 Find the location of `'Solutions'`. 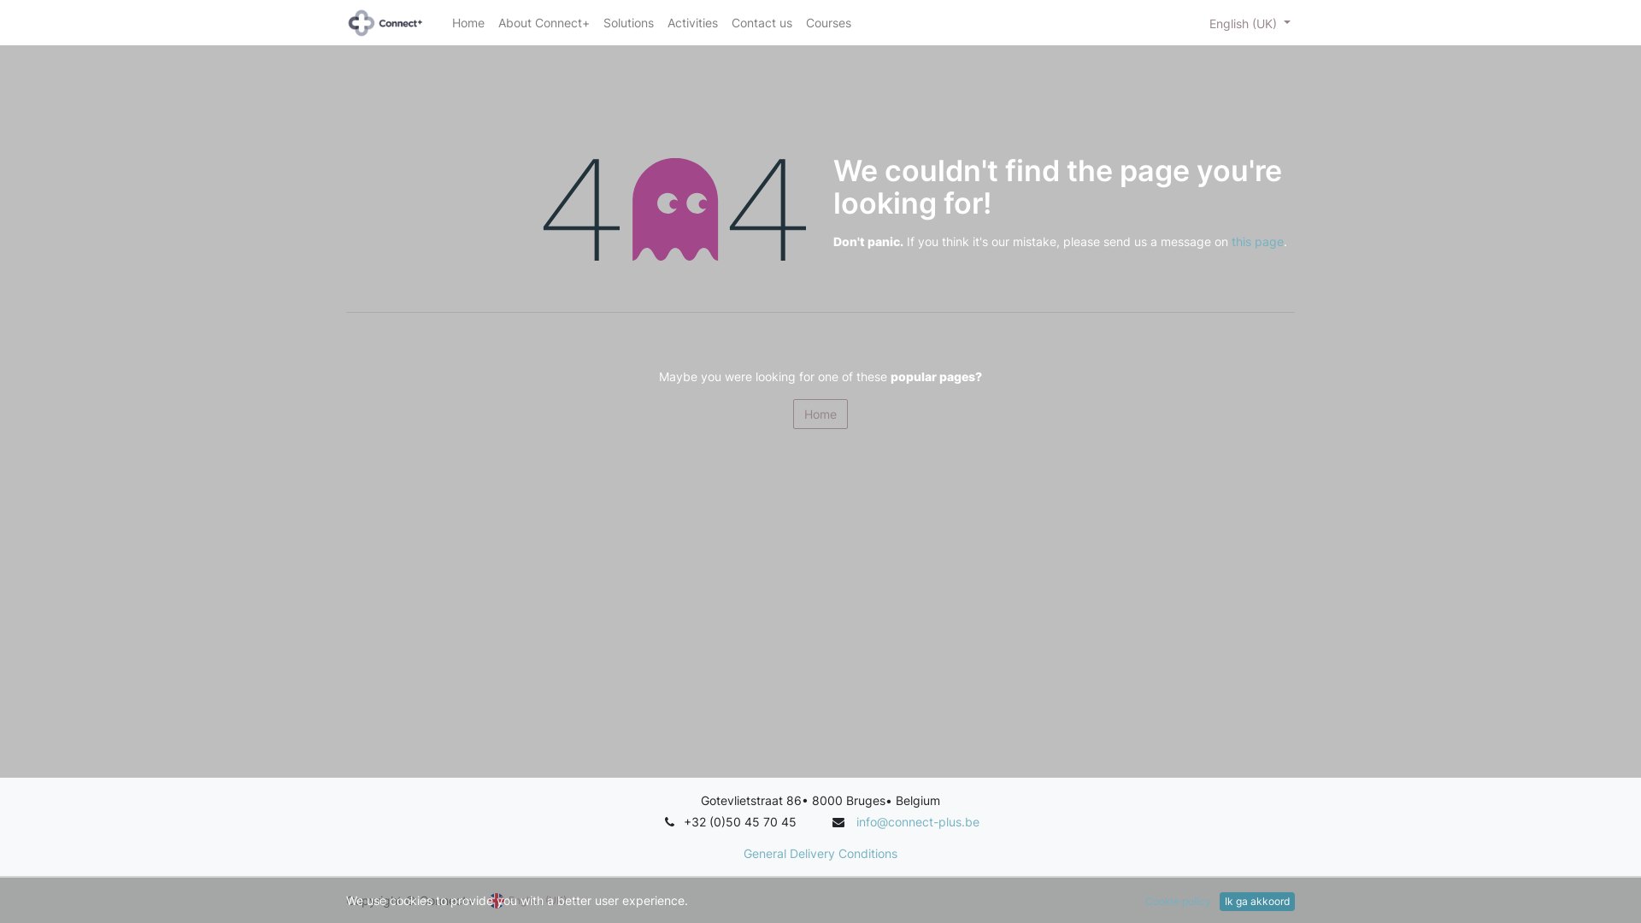

'Solutions' is located at coordinates (596, 22).